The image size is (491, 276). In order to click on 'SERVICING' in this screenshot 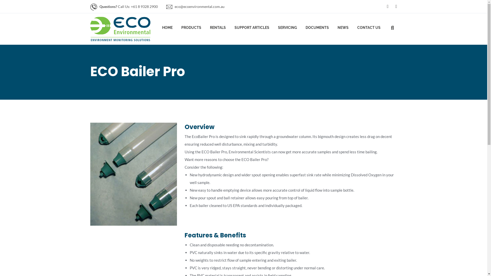, I will do `click(287, 29)`.